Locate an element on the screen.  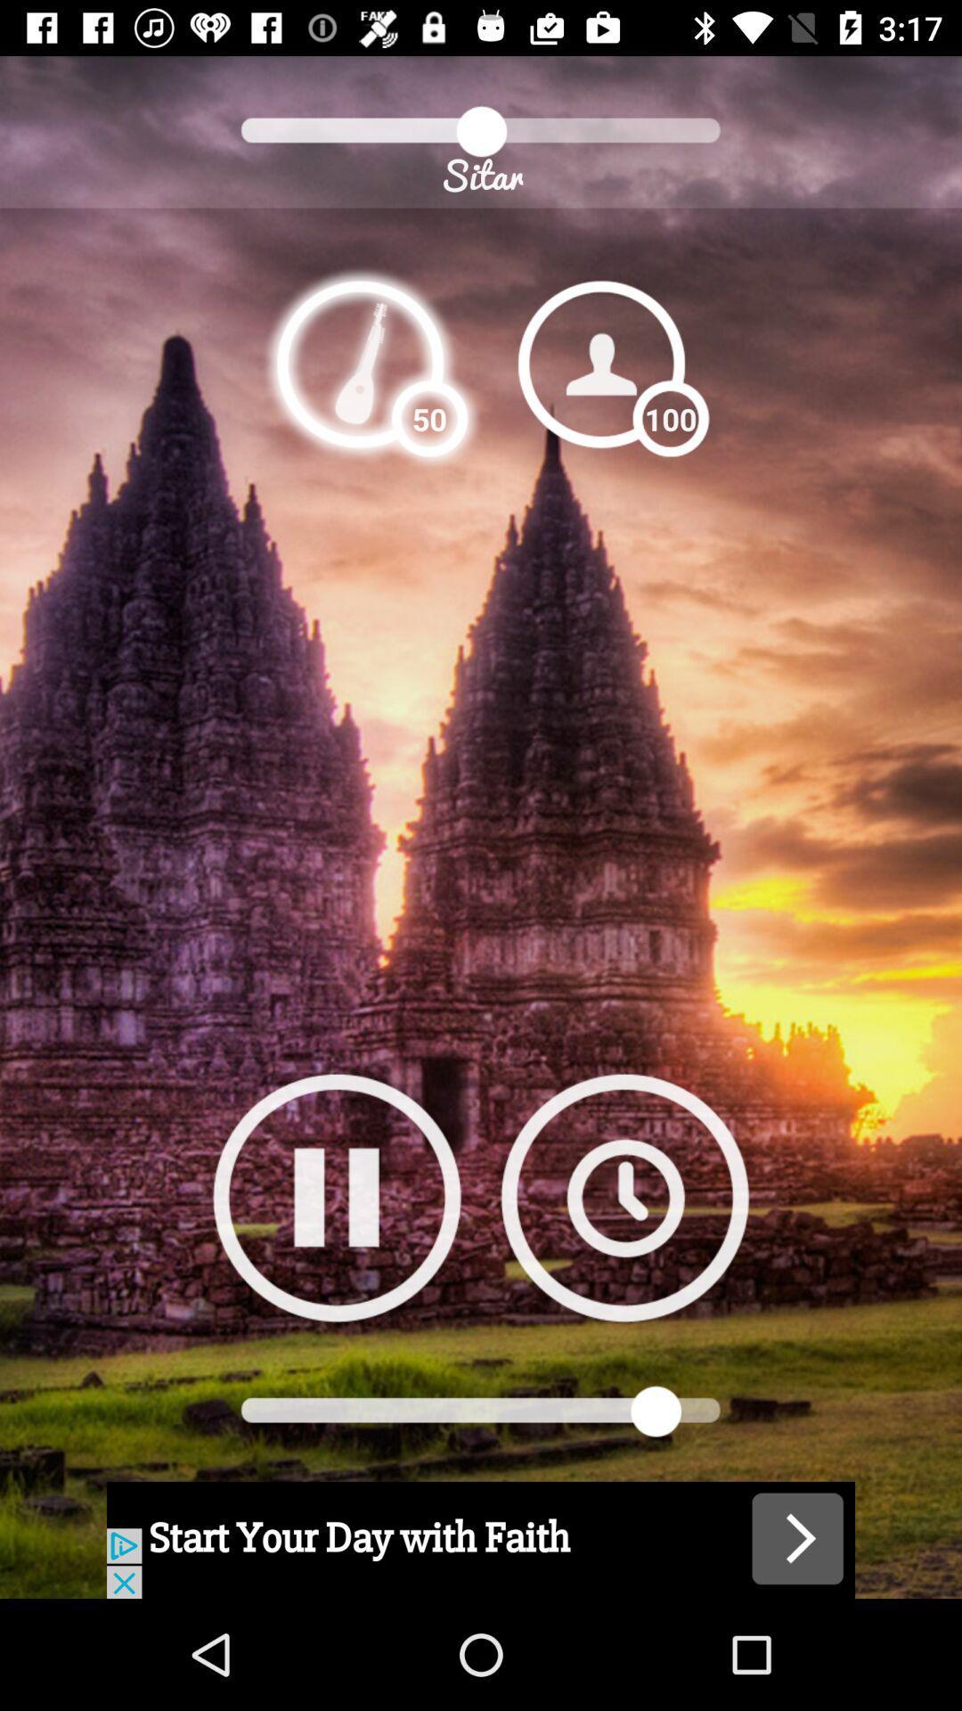
change tempo is located at coordinates (360, 363).